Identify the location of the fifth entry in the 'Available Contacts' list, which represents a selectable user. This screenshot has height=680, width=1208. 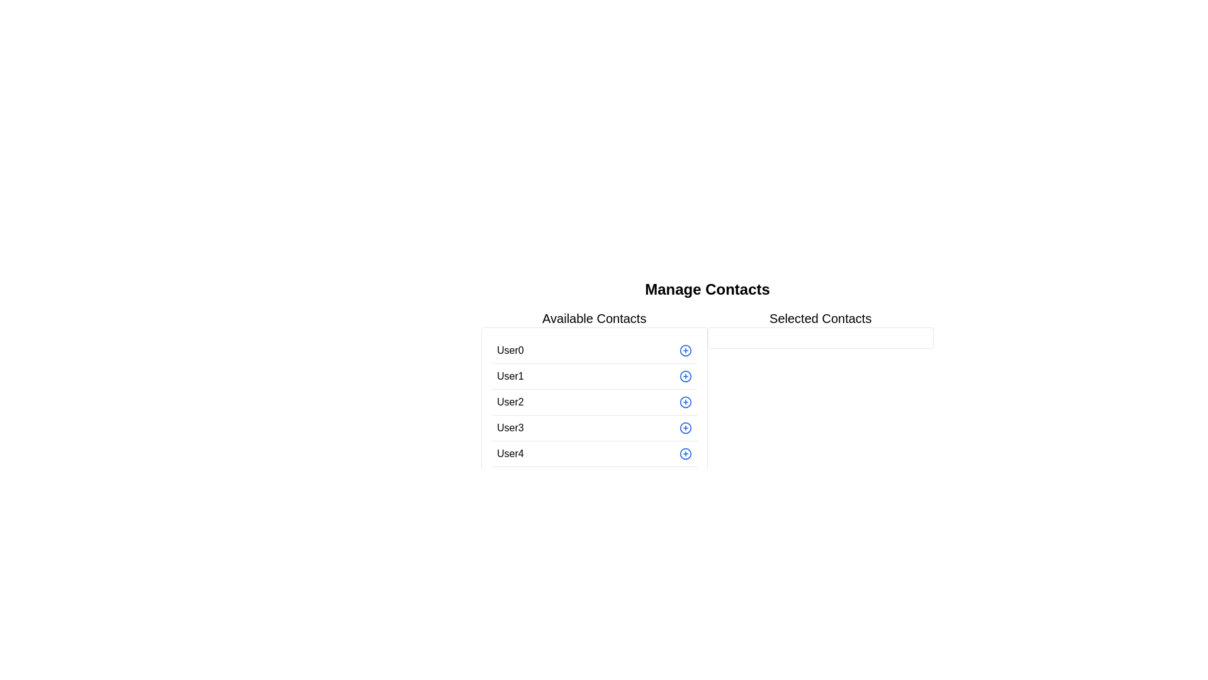
(593, 458).